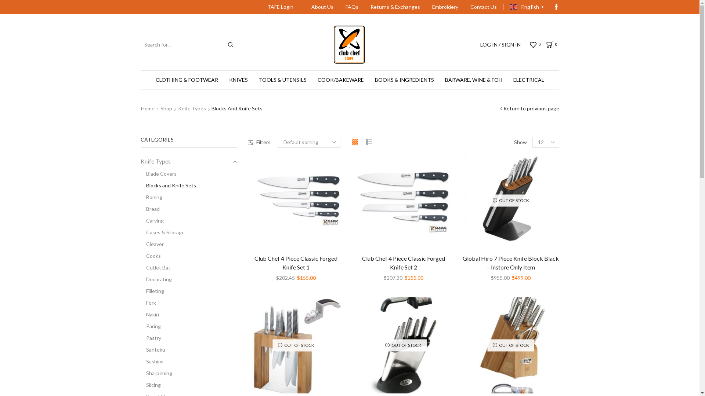  What do you see at coordinates (445, 7) in the screenshot?
I see `'Embroidery'` at bounding box center [445, 7].